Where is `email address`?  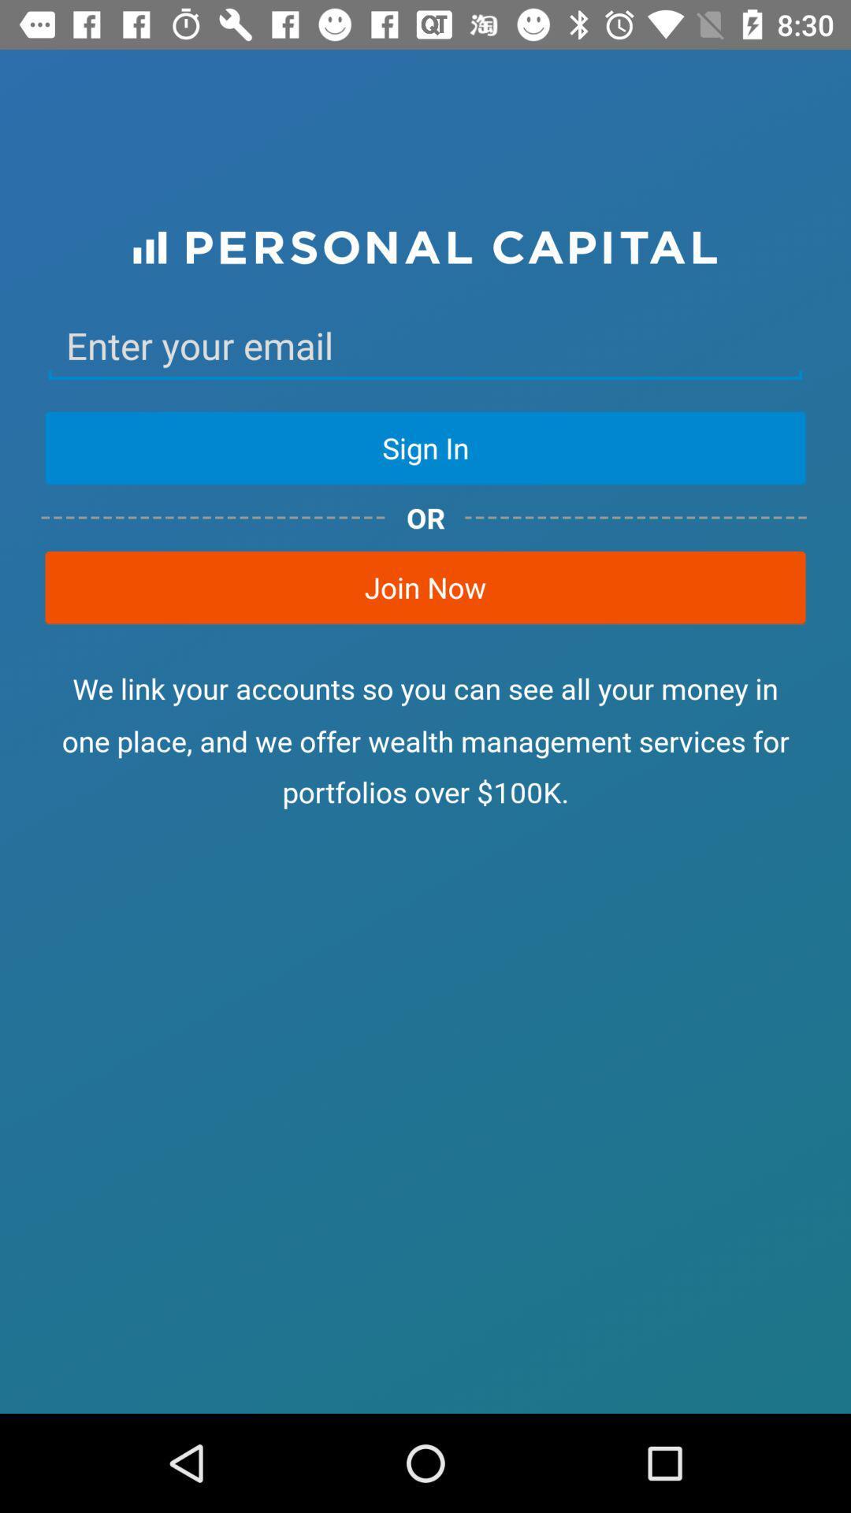
email address is located at coordinates (425, 345).